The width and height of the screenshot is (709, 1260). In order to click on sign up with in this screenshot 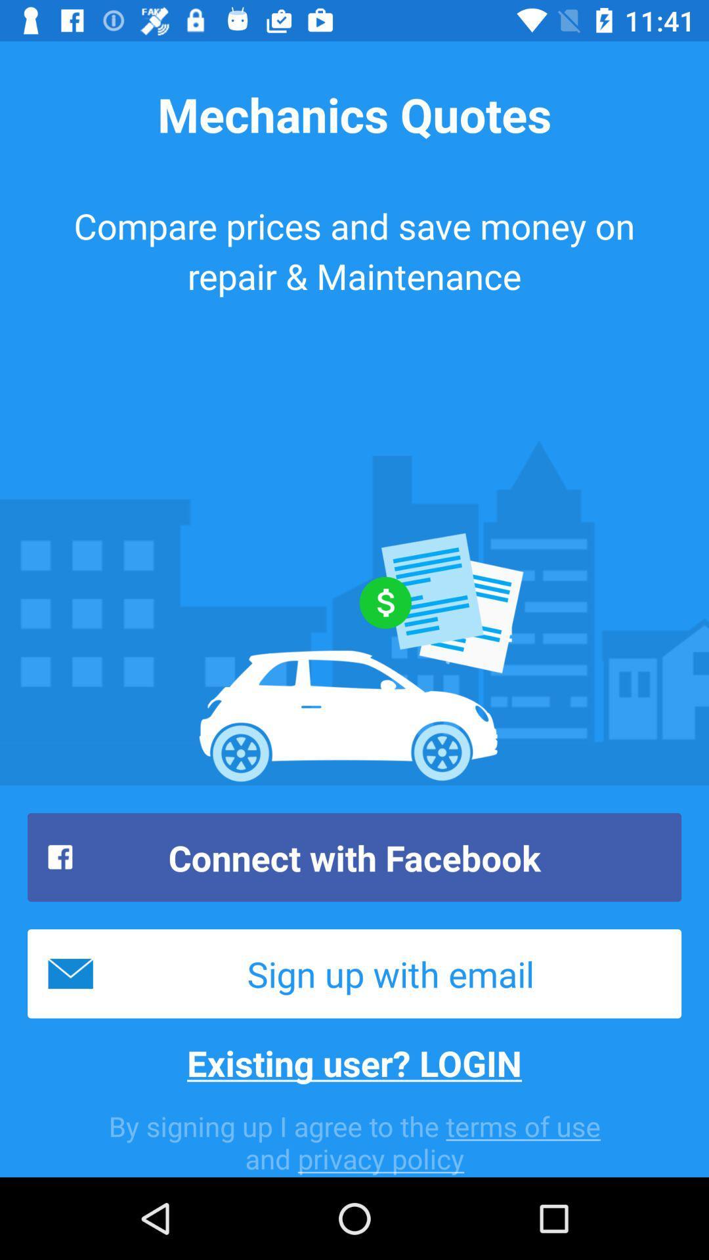, I will do `click(354, 973)`.